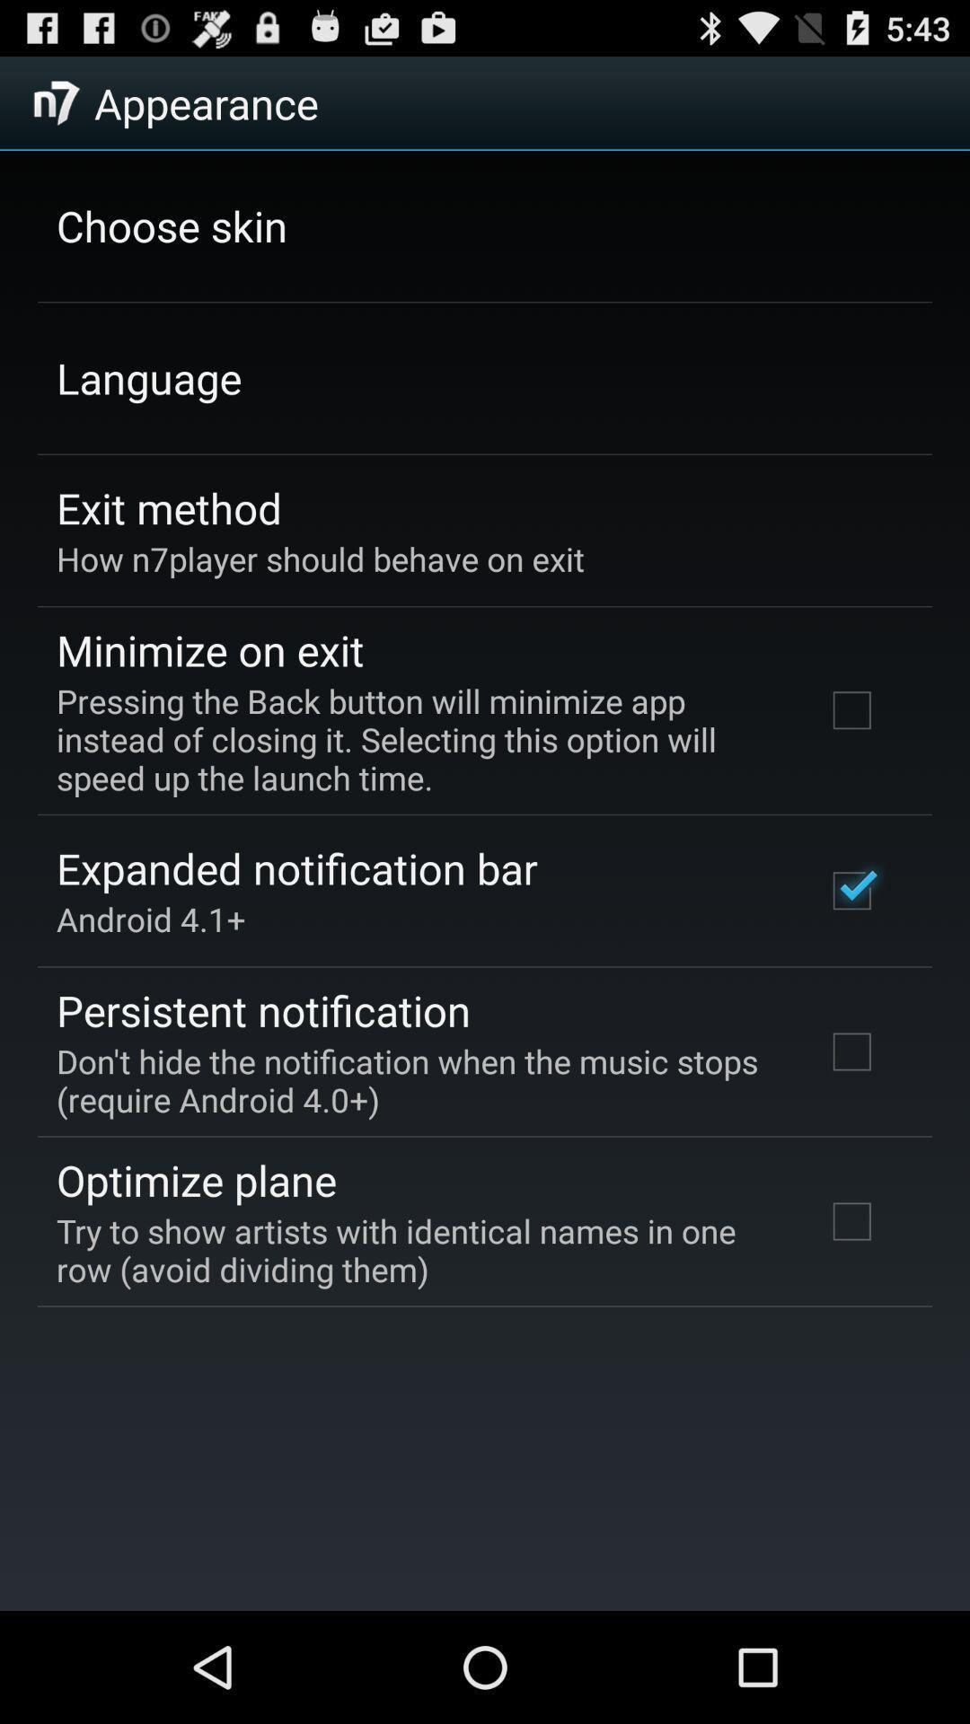  What do you see at coordinates (295, 868) in the screenshot?
I see `the expanded notification bar` at bounding box center [295, 868].